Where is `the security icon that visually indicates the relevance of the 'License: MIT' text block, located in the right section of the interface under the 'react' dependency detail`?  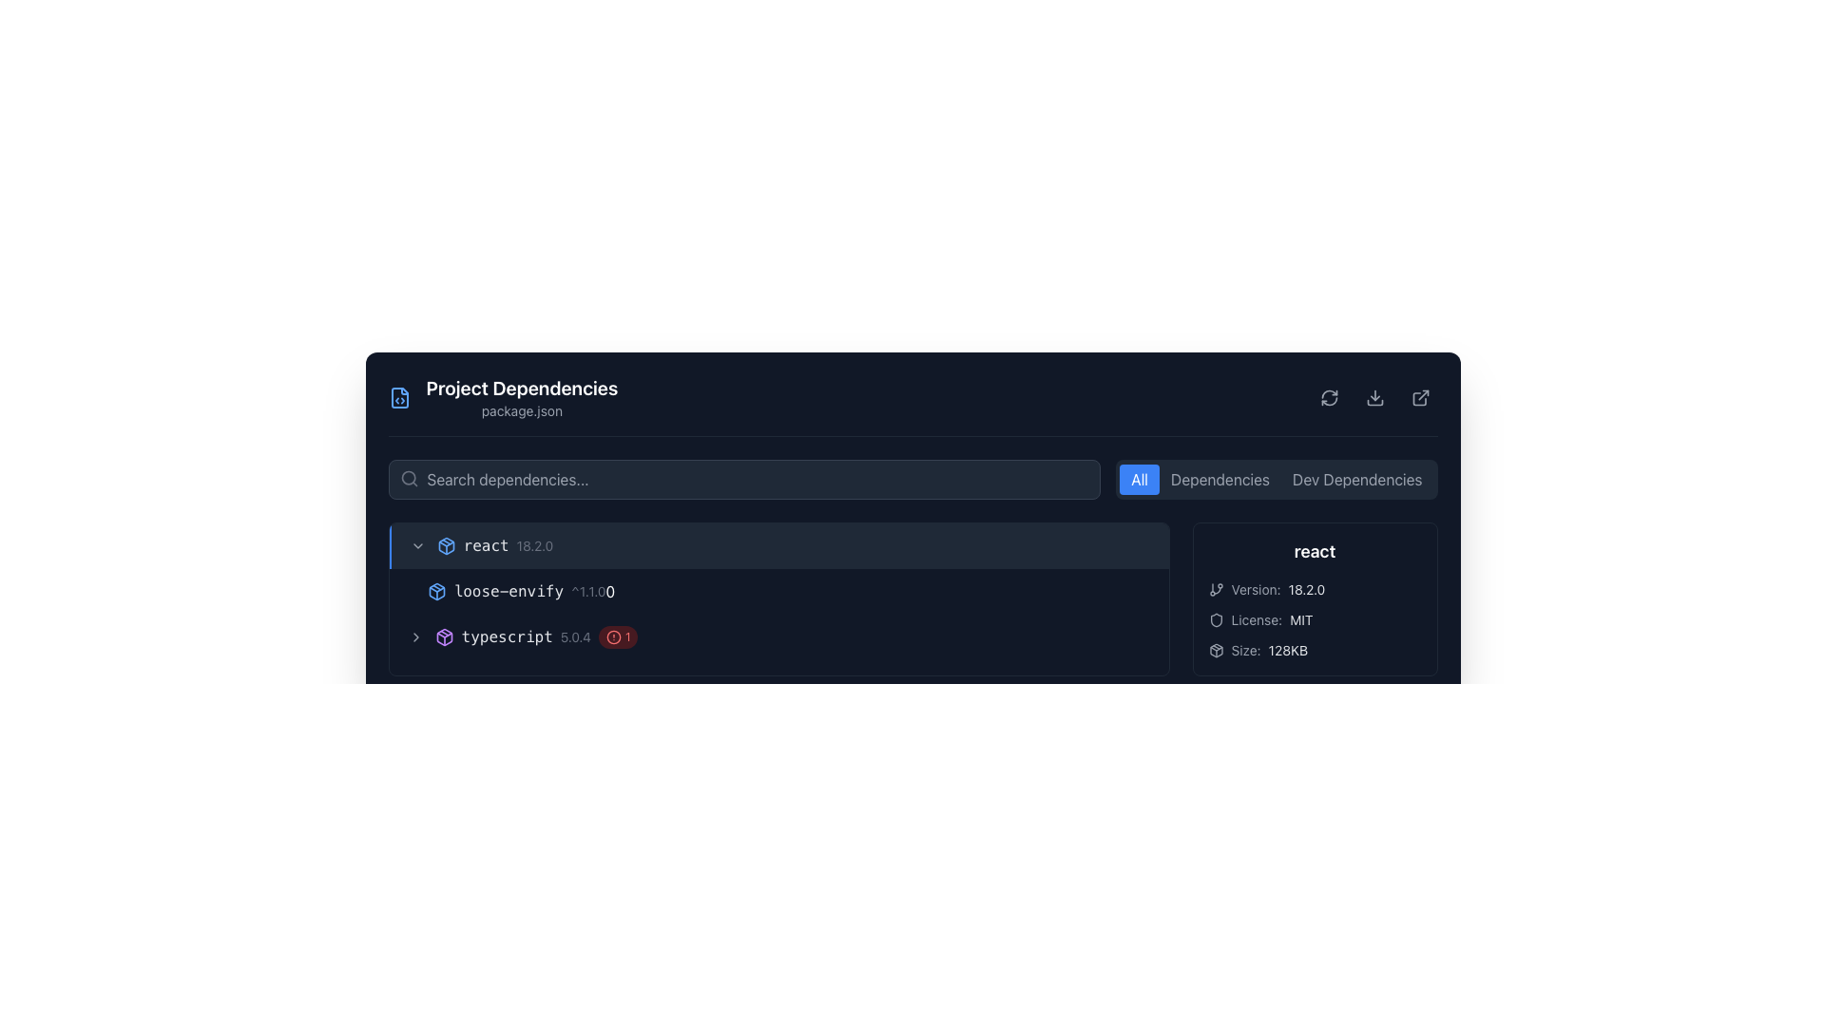
the security icon that visually indicates the relevance of the 'License: MIT' text block, located in the right section of the interface under the 'react' dependency detail is located at coordinates (1215, 619).